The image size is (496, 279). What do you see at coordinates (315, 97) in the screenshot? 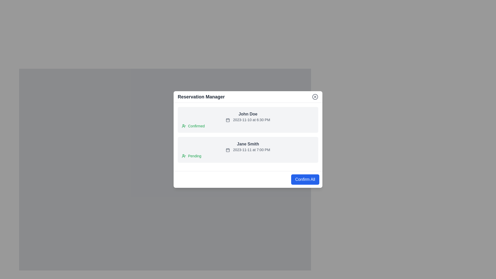
I see `the close button (X icon) located at the top-right corner of the modal window titled 'Reservation Manager'` at bounding box center [315, 97].